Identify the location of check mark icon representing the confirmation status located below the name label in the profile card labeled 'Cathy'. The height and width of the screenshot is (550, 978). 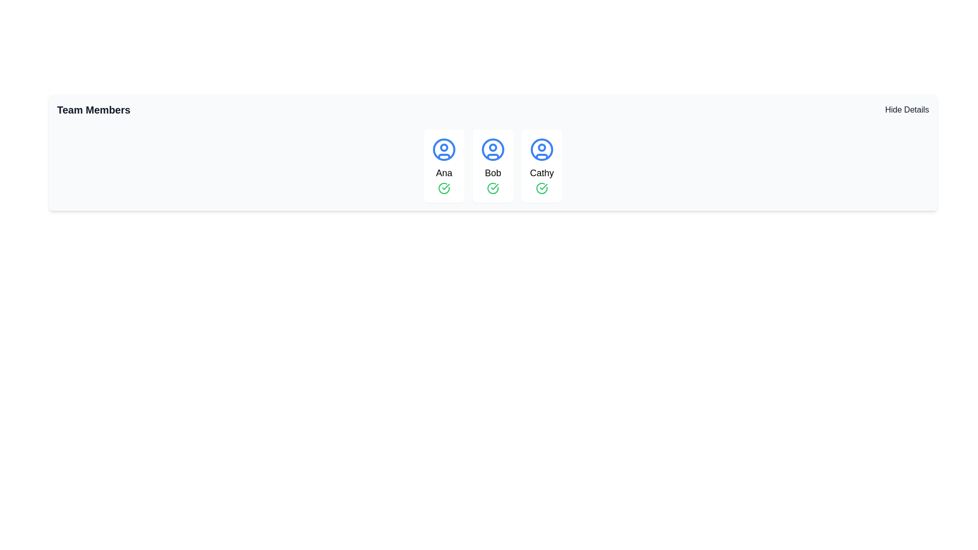
(541, 188).